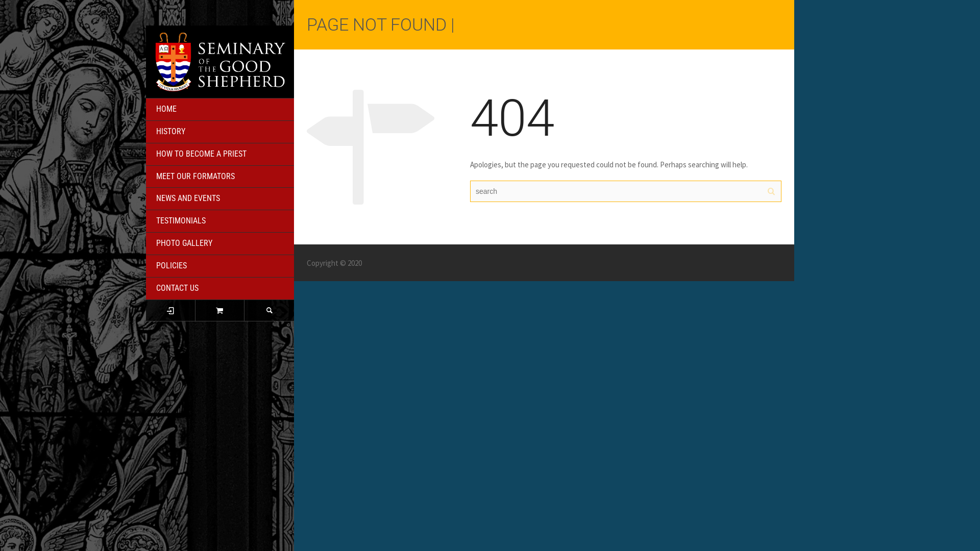 The image size is (980, 551). What do you see at coordinates (219, 221) in the screenshot?
I see `'TESTIMONIALS'` at bounding box center [219, 221].